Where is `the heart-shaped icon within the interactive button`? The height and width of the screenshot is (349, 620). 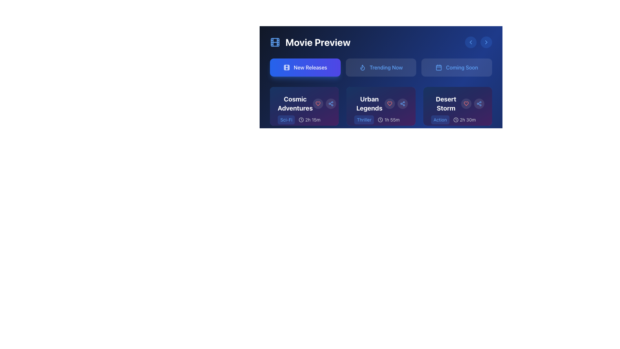 the heart-shaped icon within the interactive button is located at coordinates (318, 103).